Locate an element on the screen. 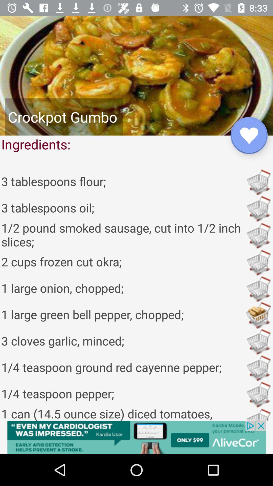  to favorites is located at coordinates (249, 135).